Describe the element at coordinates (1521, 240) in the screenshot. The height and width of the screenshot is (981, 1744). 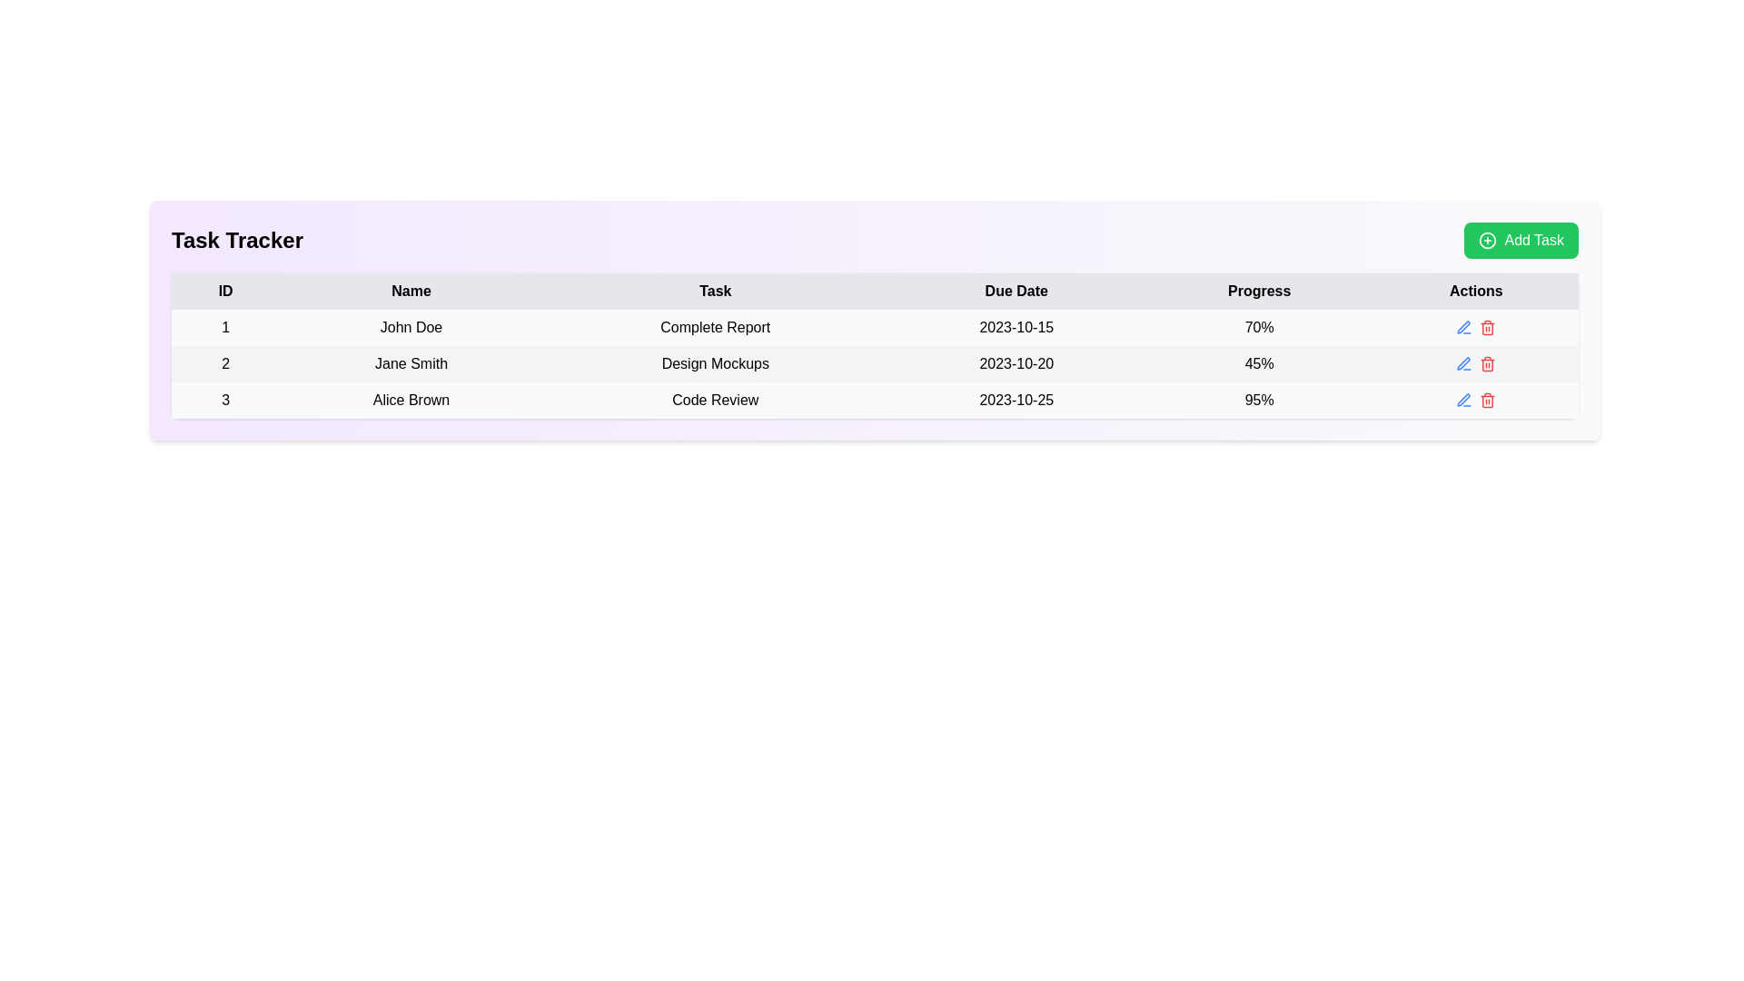
I see `the 'Add Task' button located at the top-right corner of the interface, aligned with the 'Task Tracker' heading` at that location.